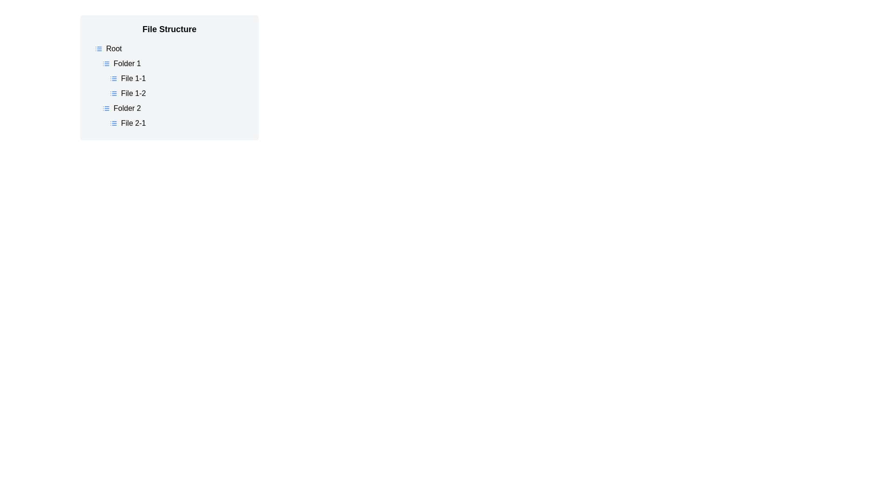  I want to click on the Hierarchy View element that visually resembles a hierarchical file structure containing items like 'Root', 'Folder 1', 'File 1-1', and 'File 1-2', so click(173, 86).